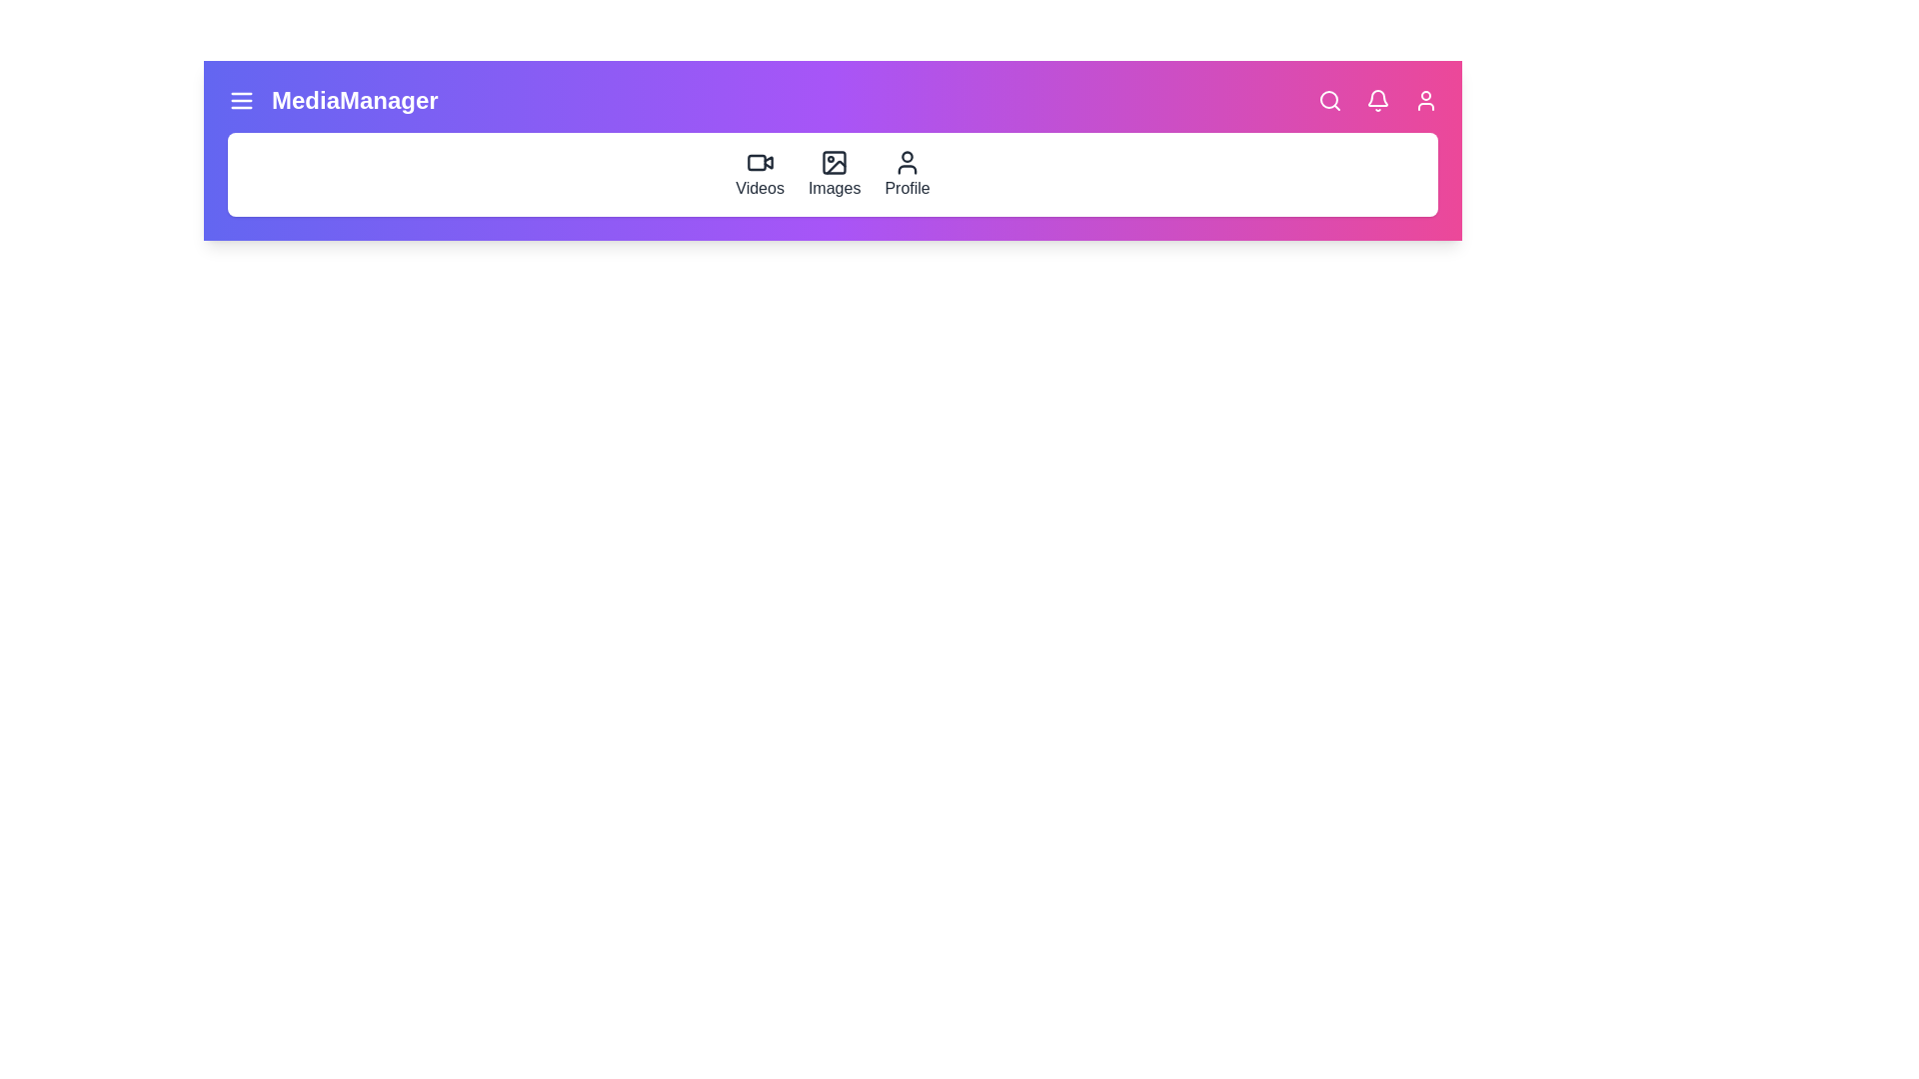  I want to click on the 'Videos' section in the navigation bar, so click(758, 173).